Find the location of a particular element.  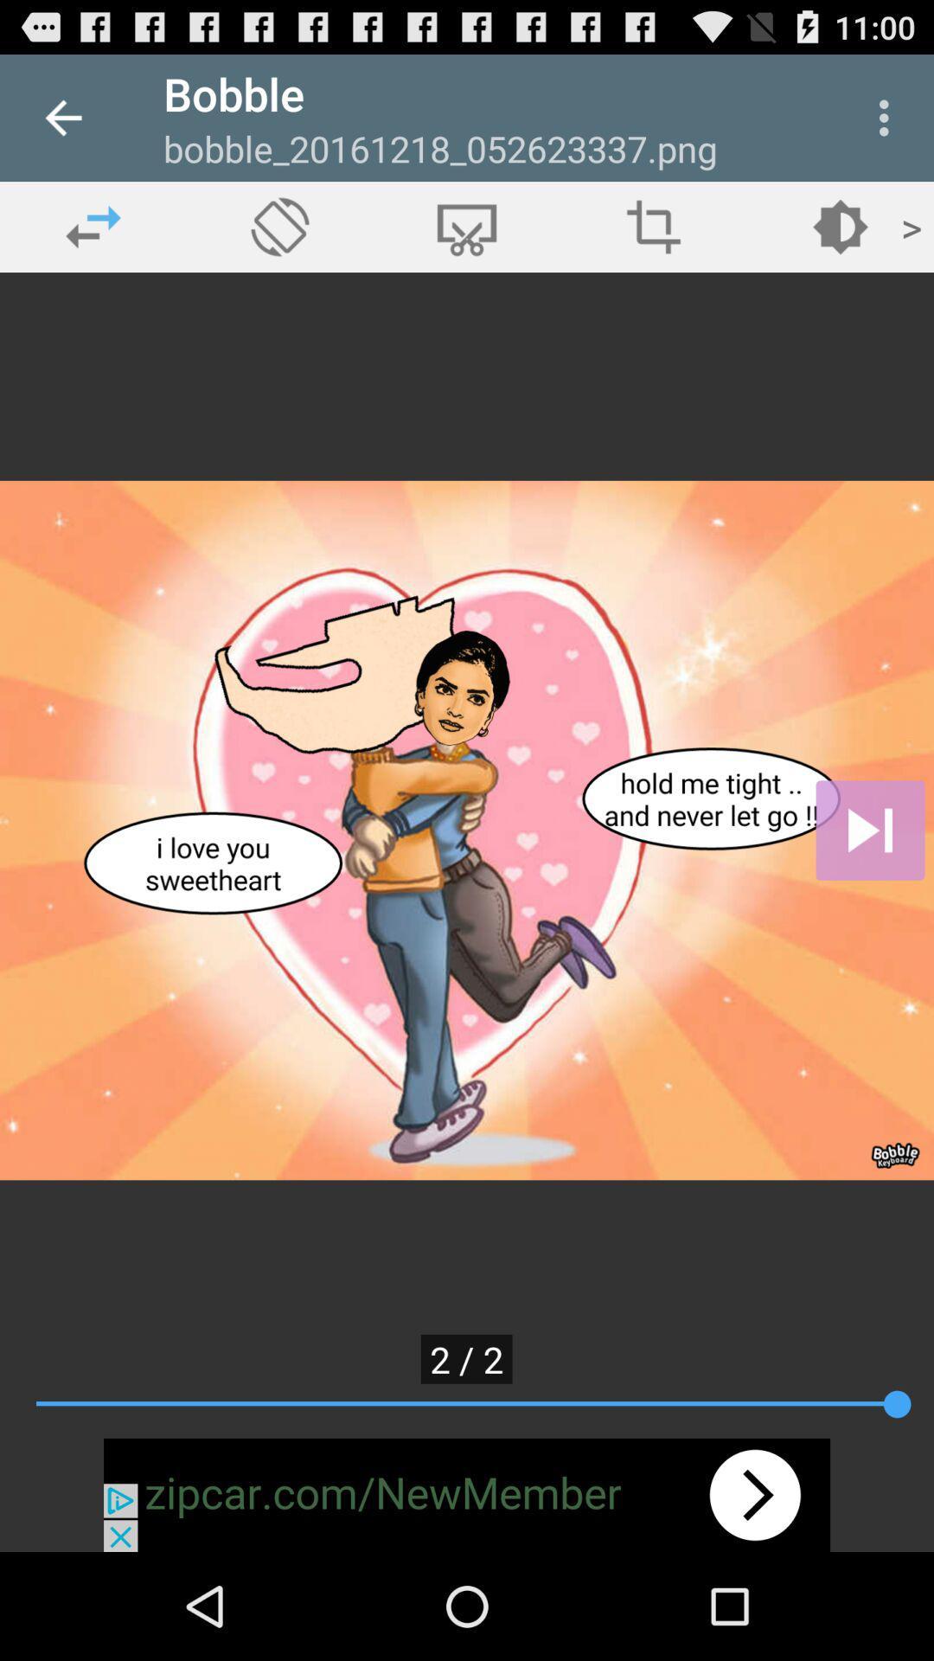

fast forward option is located at coordinates (870, 830).